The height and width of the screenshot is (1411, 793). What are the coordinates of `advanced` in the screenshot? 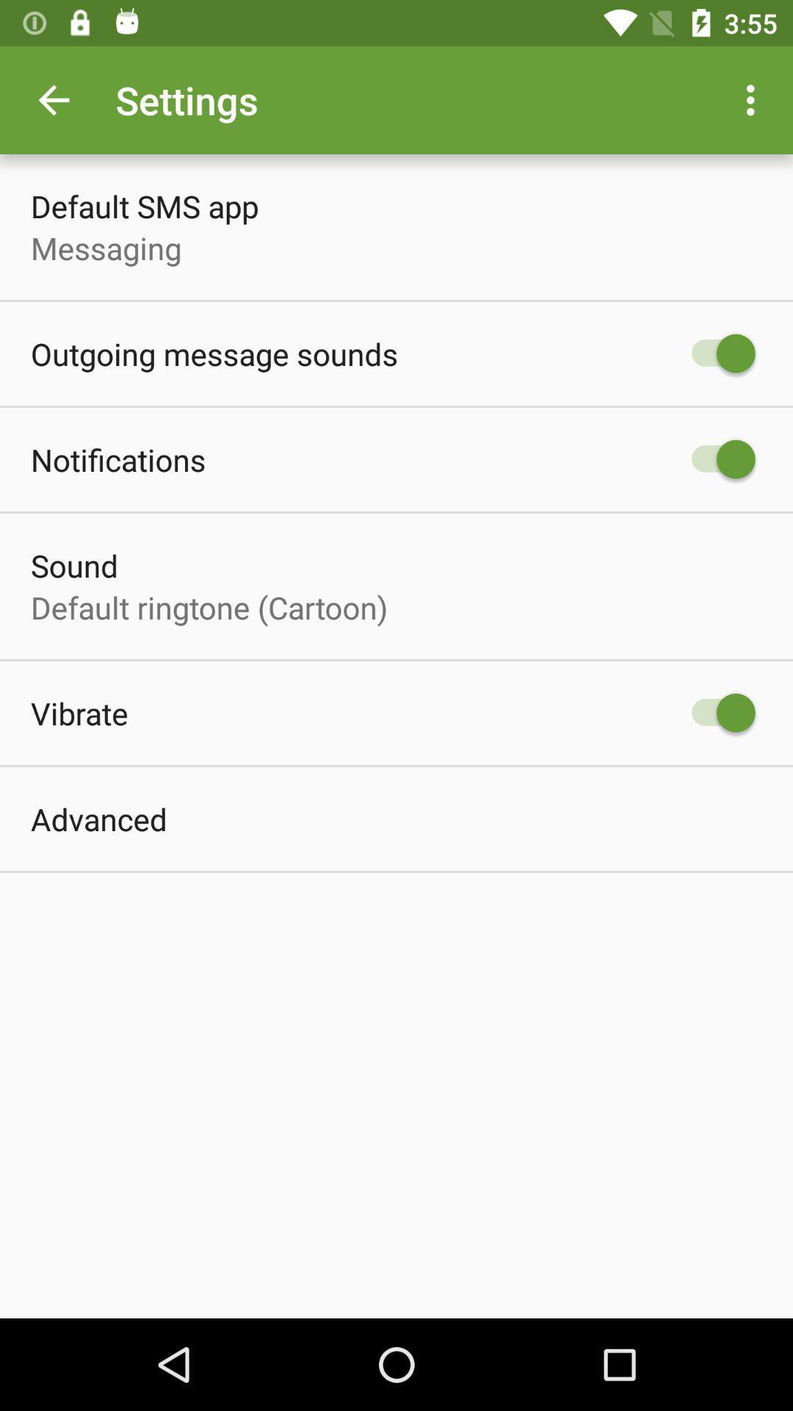 It's located at (99, 818).